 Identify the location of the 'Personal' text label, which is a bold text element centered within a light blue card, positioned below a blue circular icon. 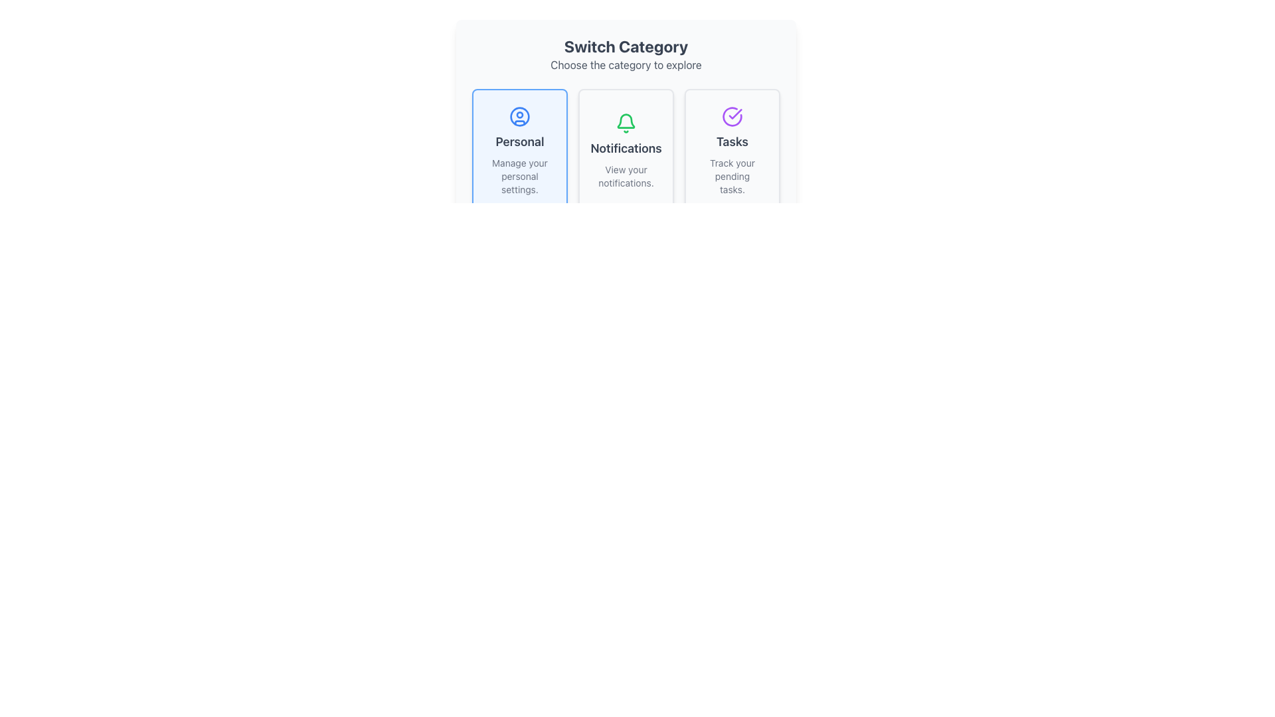
(519, 141).